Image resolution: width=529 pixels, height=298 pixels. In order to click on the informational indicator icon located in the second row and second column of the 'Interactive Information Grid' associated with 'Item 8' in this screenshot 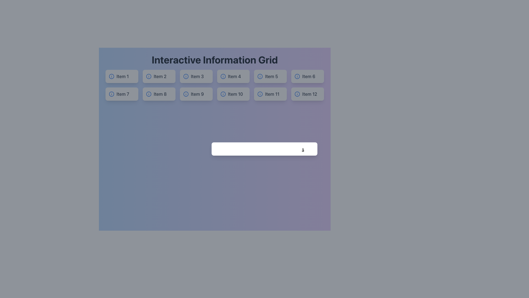, I will do `click(149, 94)`.